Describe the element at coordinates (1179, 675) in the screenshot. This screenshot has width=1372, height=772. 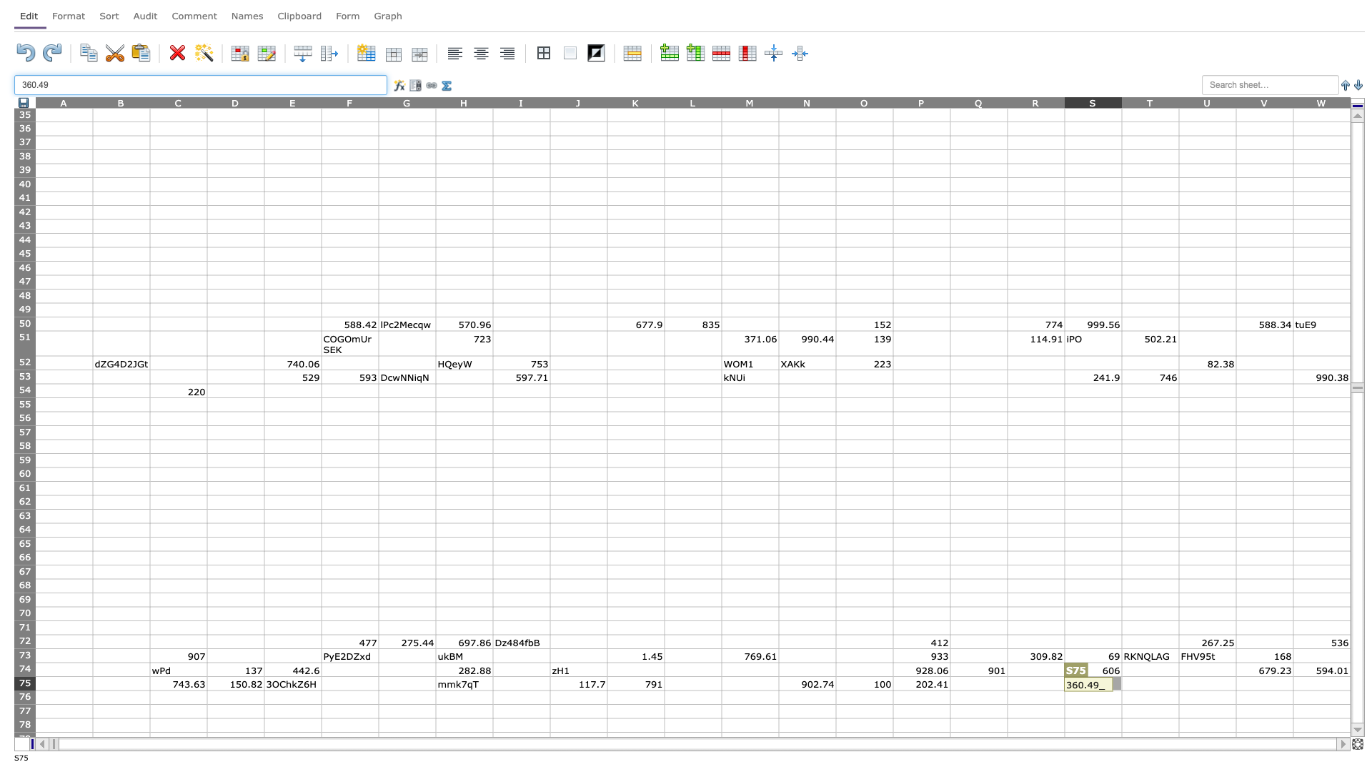
I see `Top left corner of cell U-75` at that location.